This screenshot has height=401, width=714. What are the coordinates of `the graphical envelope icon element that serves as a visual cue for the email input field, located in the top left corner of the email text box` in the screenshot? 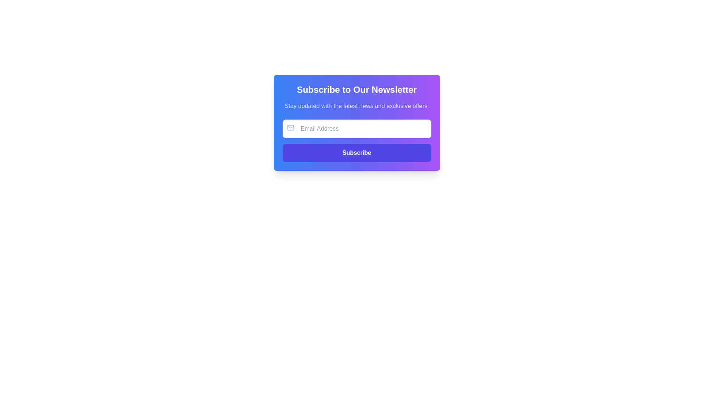 It's located at (290, 127).